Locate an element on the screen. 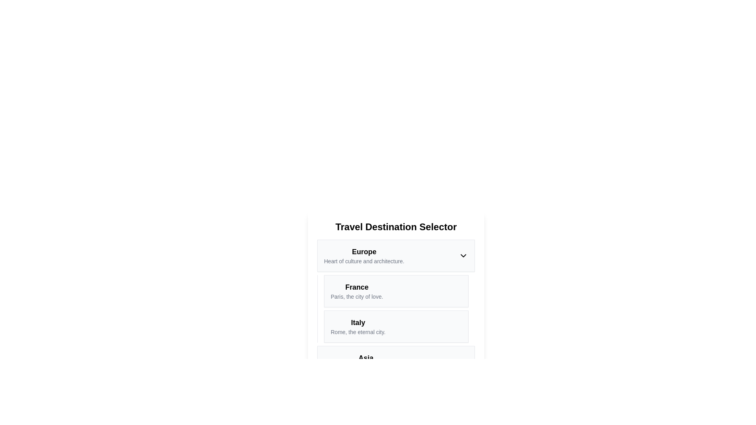 This screenshot has width=756, height=425. the details of the Text Box containing the country name 'France' and the description 'Paris, the city of love.' positioned below the 'Europe' section header is located at coordinates (396, 291).